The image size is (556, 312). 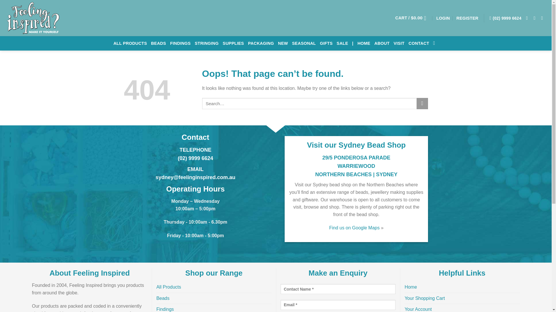 What do you see at coordinates (410, 287) in the screenshot?
I see `'Home'` at bounding box center [410, 287].